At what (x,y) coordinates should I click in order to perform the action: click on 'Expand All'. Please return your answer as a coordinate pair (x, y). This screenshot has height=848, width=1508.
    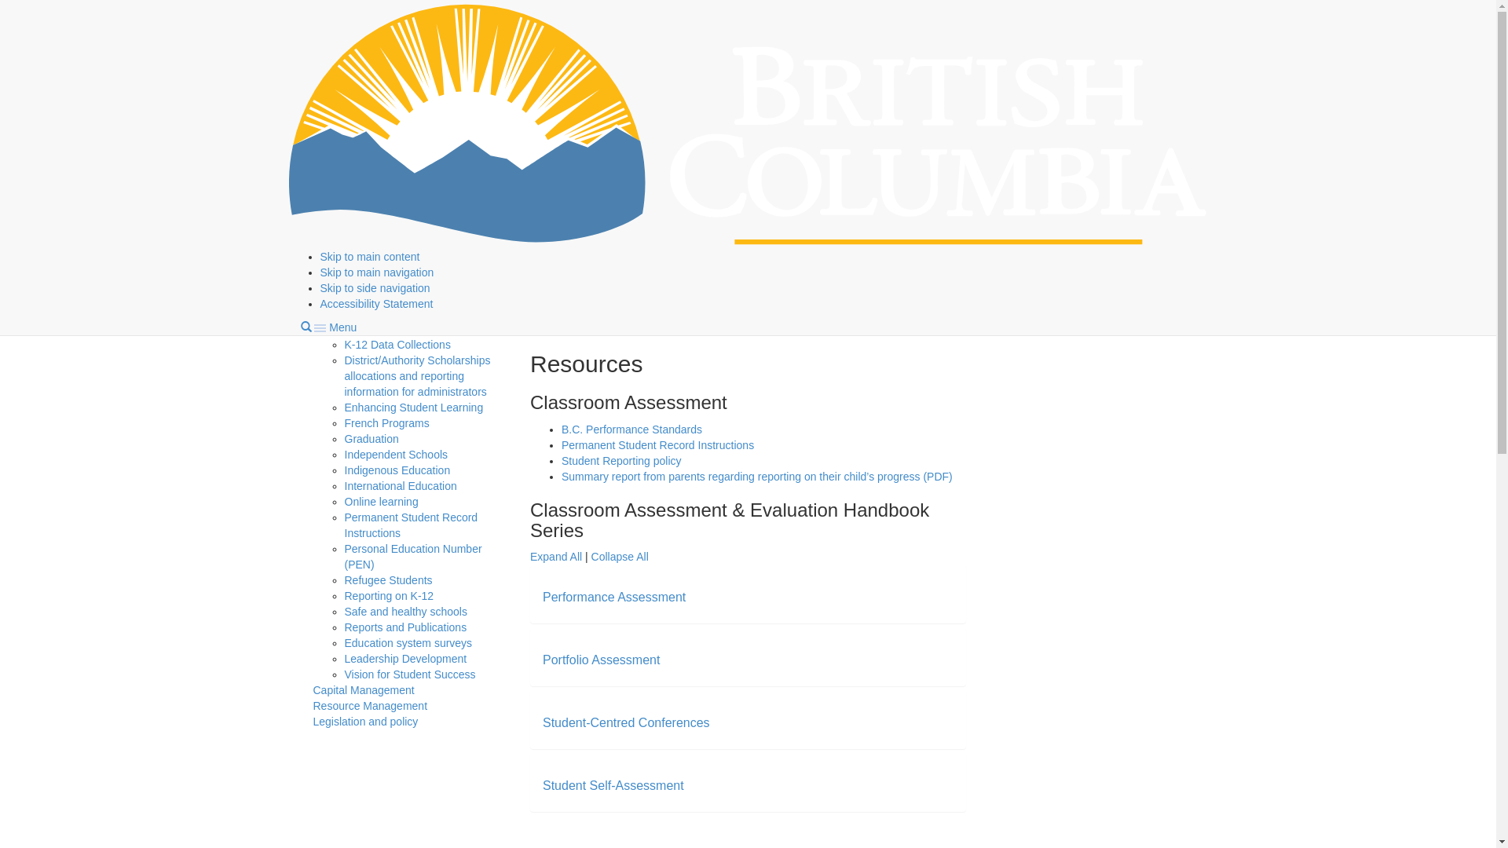
    Looking at the image, I should click on (530, 556).